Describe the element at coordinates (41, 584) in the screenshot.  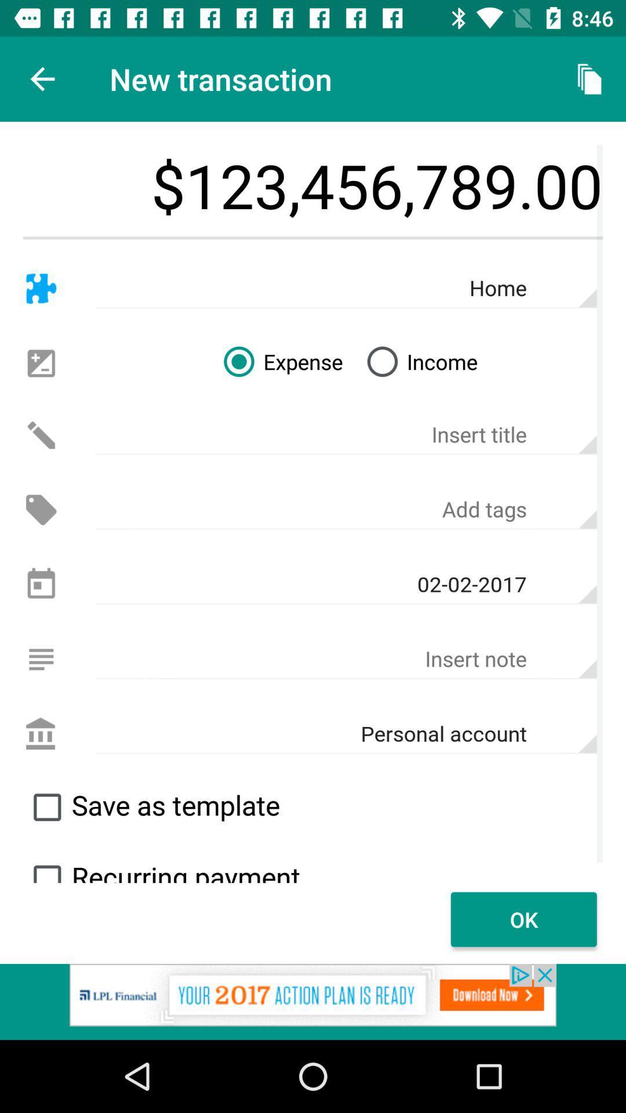
I see `the date_range icon` at that location.